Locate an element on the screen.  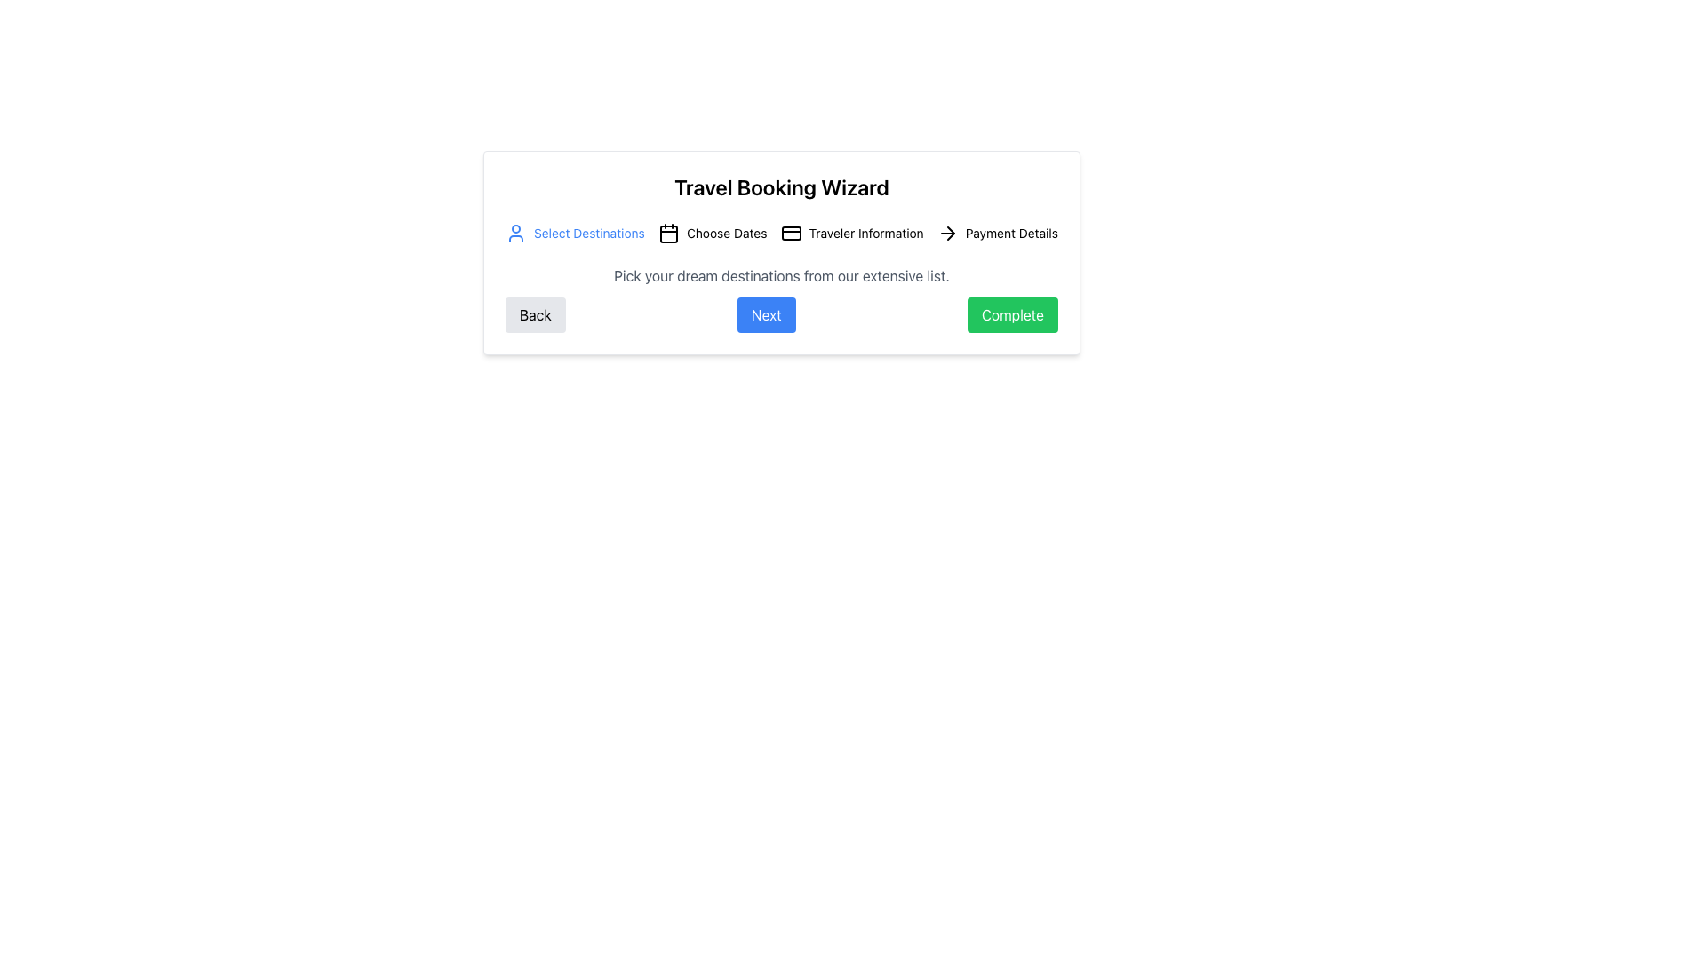
the Step Progress Indicator Bar located within the 'Travel Booking Wizard' block to guide the user through the booking process is located at coordinates (781, 232).